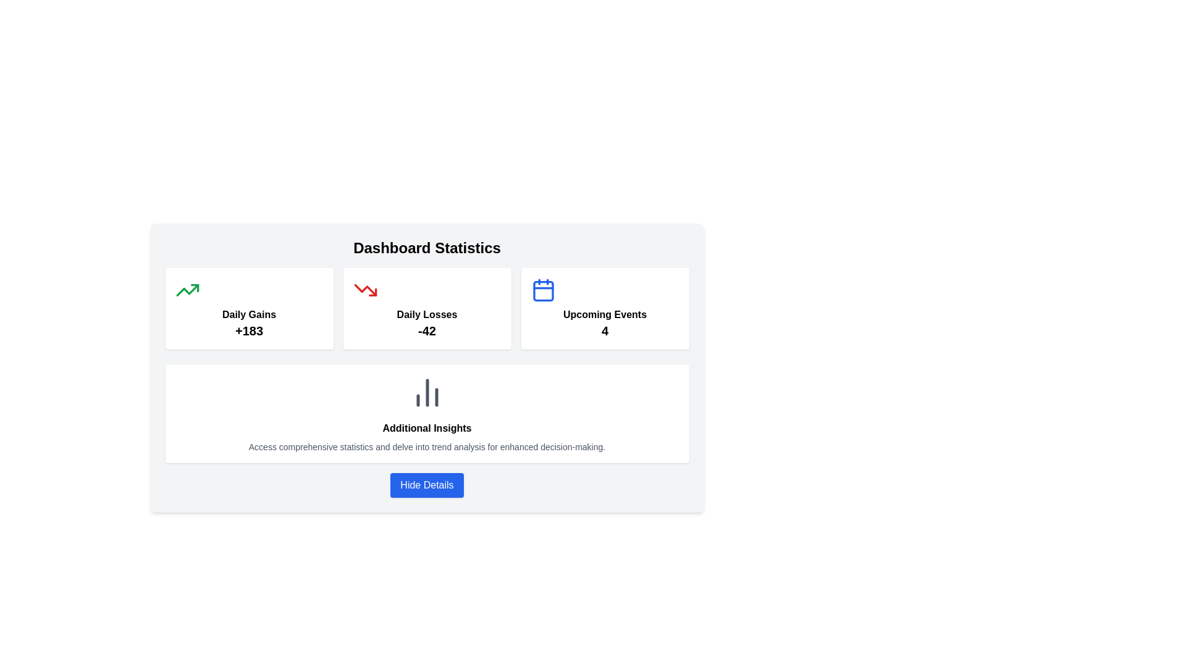  What do you see at coordinates (364, 290) in the screenshot?
I see `the downward trend graphical icon representing numerical losses in the 'Daily Losses -42' card, located near the top-left corner inside the card` at bounding box center [364, 290].